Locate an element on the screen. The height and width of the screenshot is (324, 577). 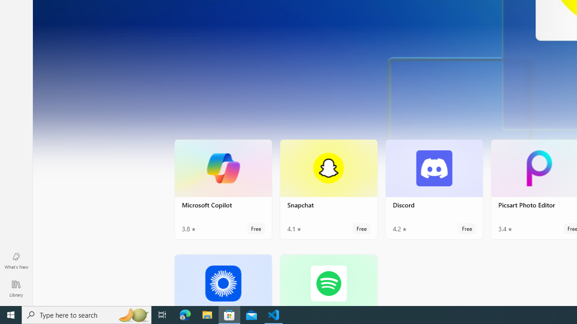
'Discord. Average rating of 4.2 out of five stars. Free  ' is located at coordinates (434, 189).